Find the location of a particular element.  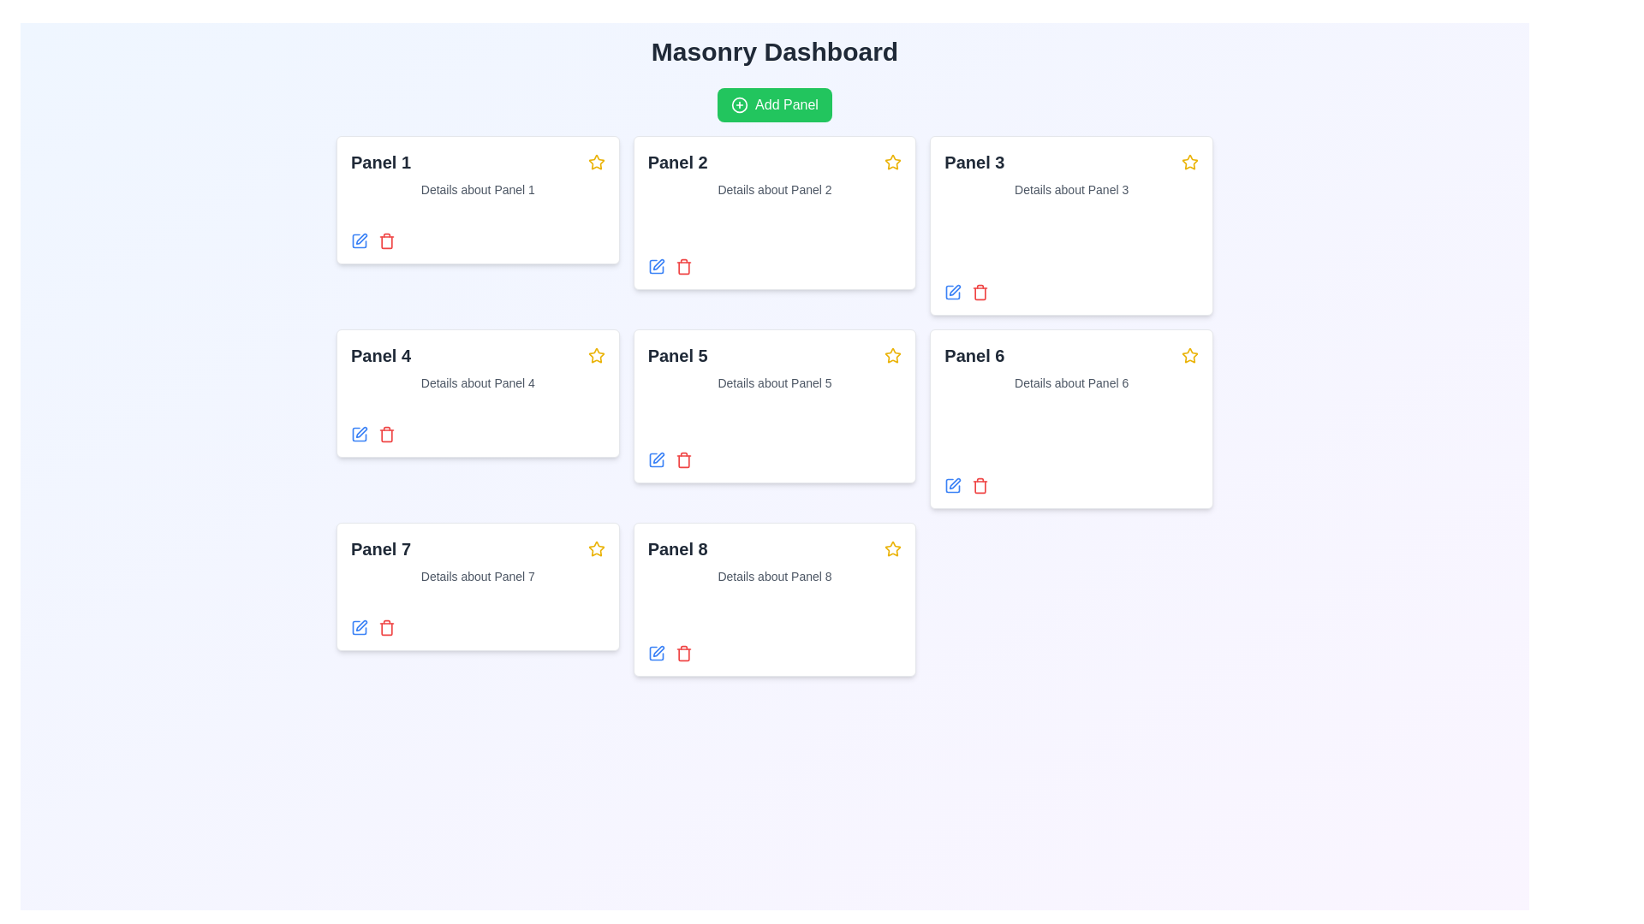

the blue pen icon associated with writing or editing, located at the bottom-left corner of 'Panel 5' is located at coordinates (655, 459).